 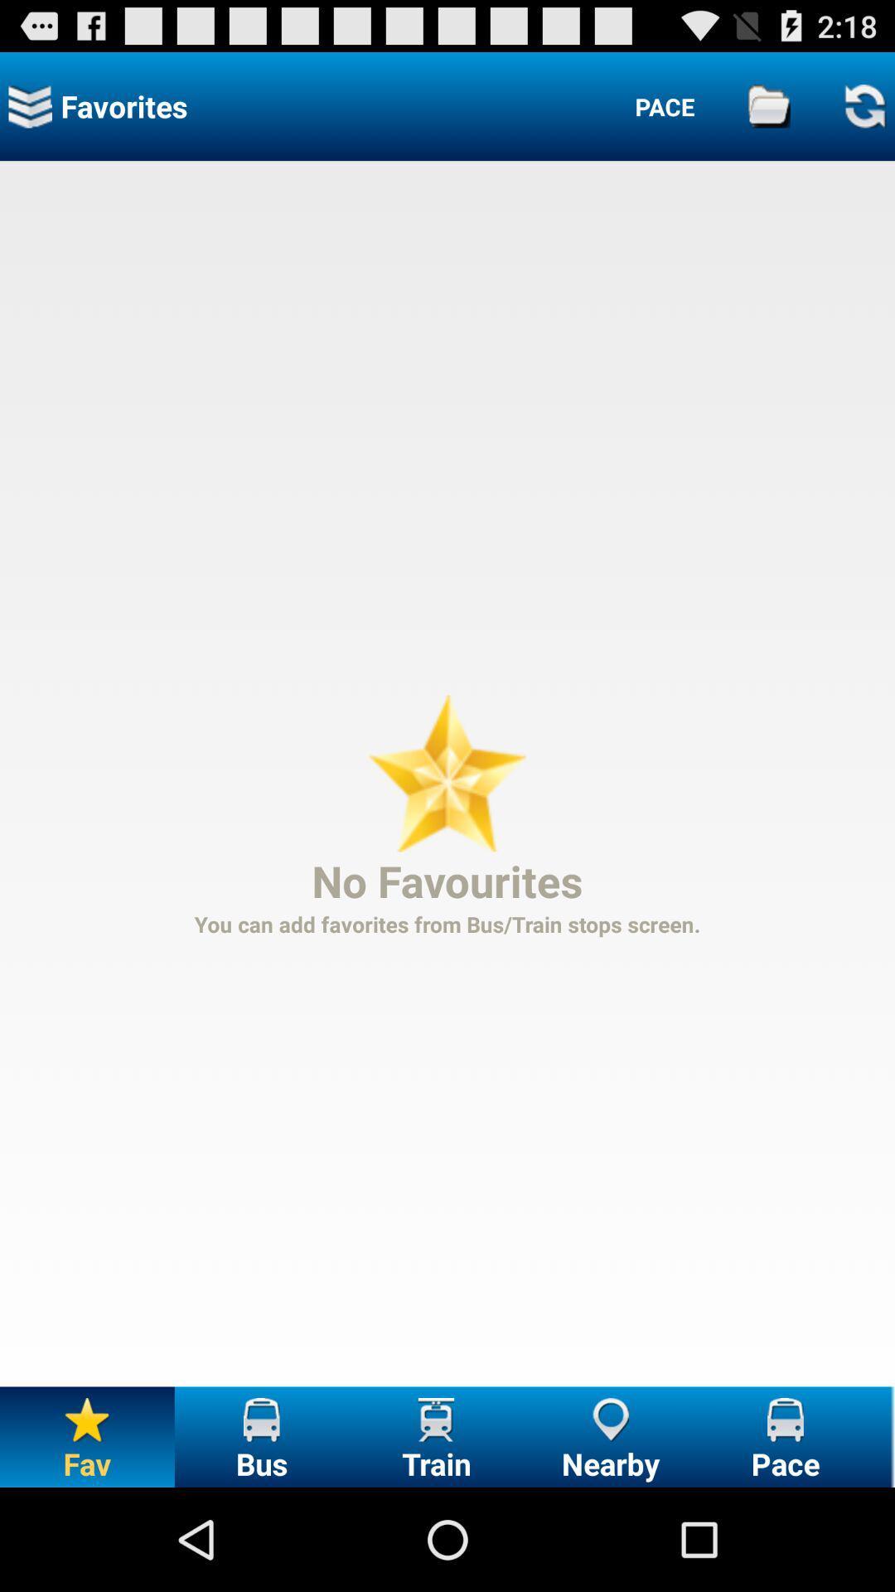 What do you see at coordinates (30, 113) in the screenshot?
I see `the layers icon` at bounding box center [30, 113].